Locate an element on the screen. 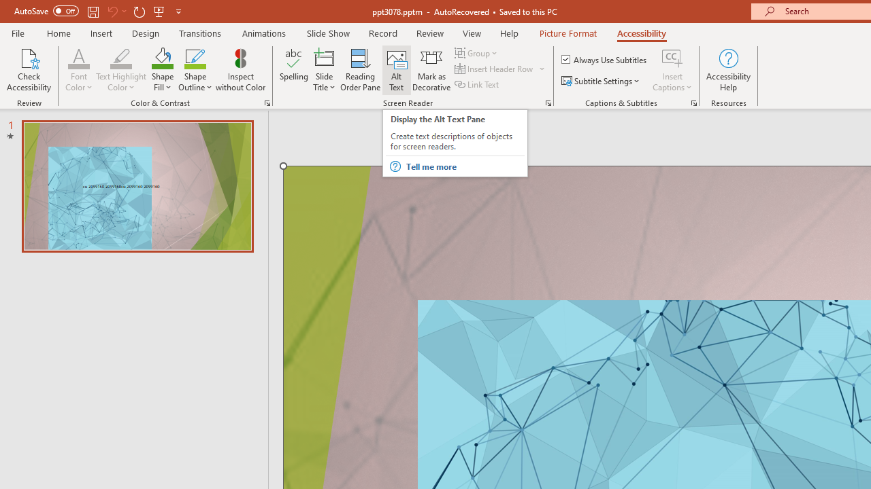 The image size is (871, 489). 'Always Use Subtitles' is located at coordinates (604, 58).